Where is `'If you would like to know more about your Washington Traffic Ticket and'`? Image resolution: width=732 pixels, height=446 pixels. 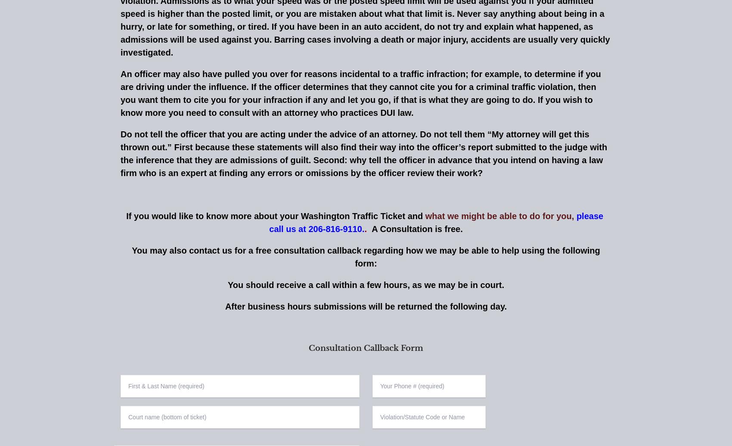 'If you would like to know more about your Washington Traffic Ticket and' is located at coordinates (276, 216).